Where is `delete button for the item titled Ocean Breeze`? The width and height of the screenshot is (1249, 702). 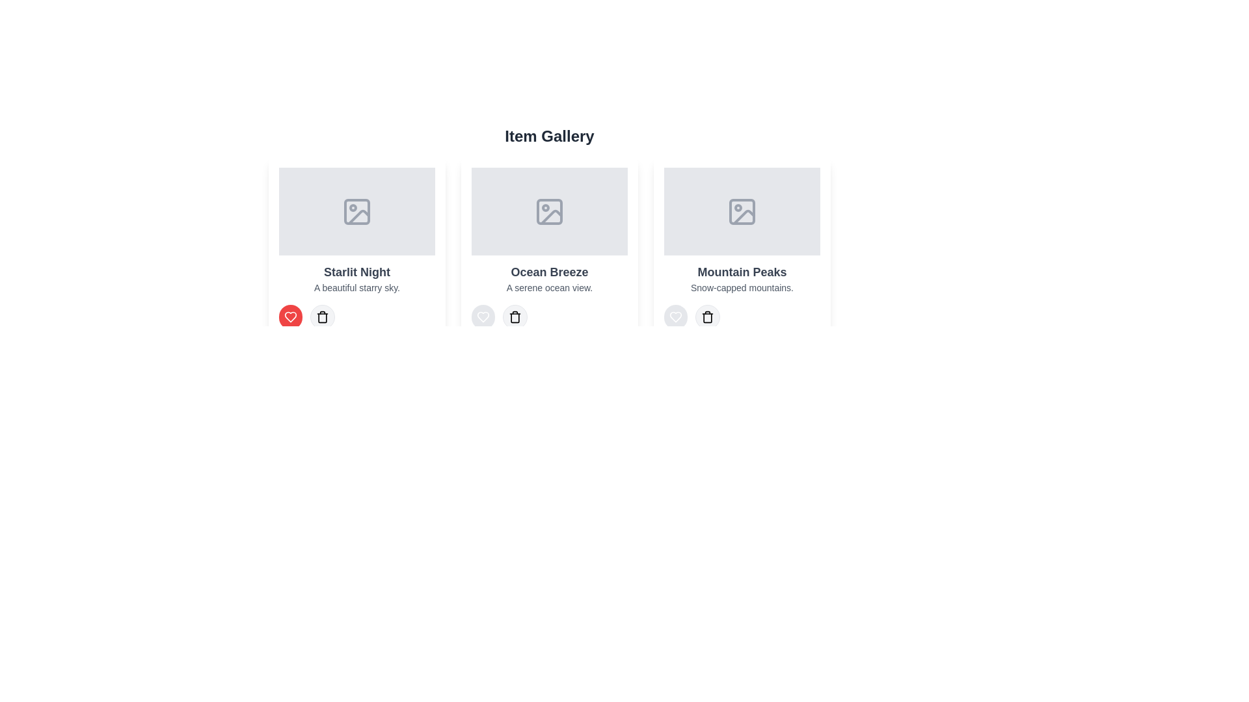
delete button for the item titled Ocean Breeze is located at coordinates (515, 317).